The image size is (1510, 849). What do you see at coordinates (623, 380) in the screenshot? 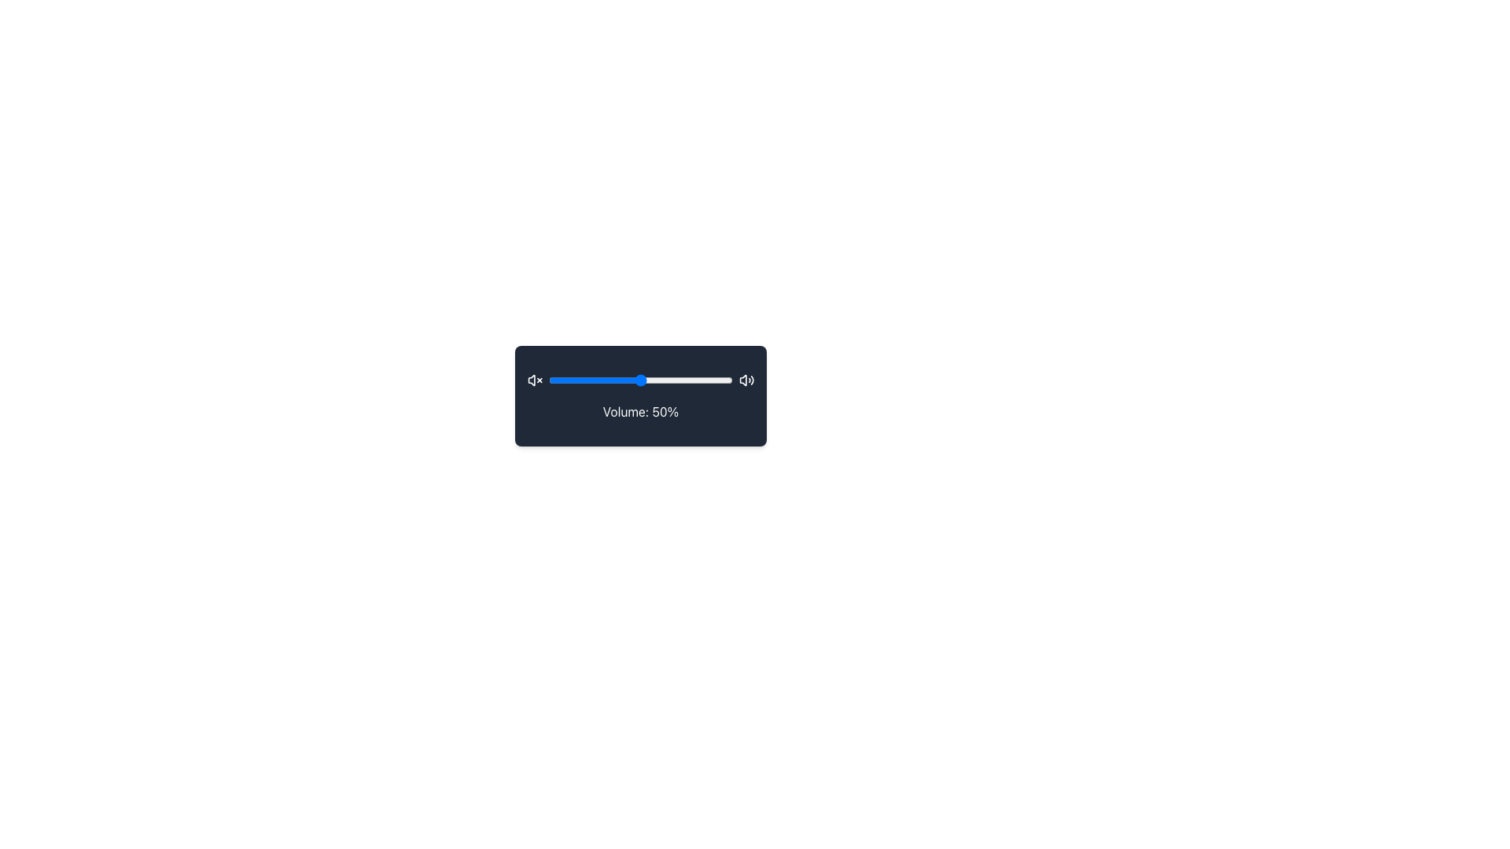
I see `the volume` at bounding box center [623, 380].